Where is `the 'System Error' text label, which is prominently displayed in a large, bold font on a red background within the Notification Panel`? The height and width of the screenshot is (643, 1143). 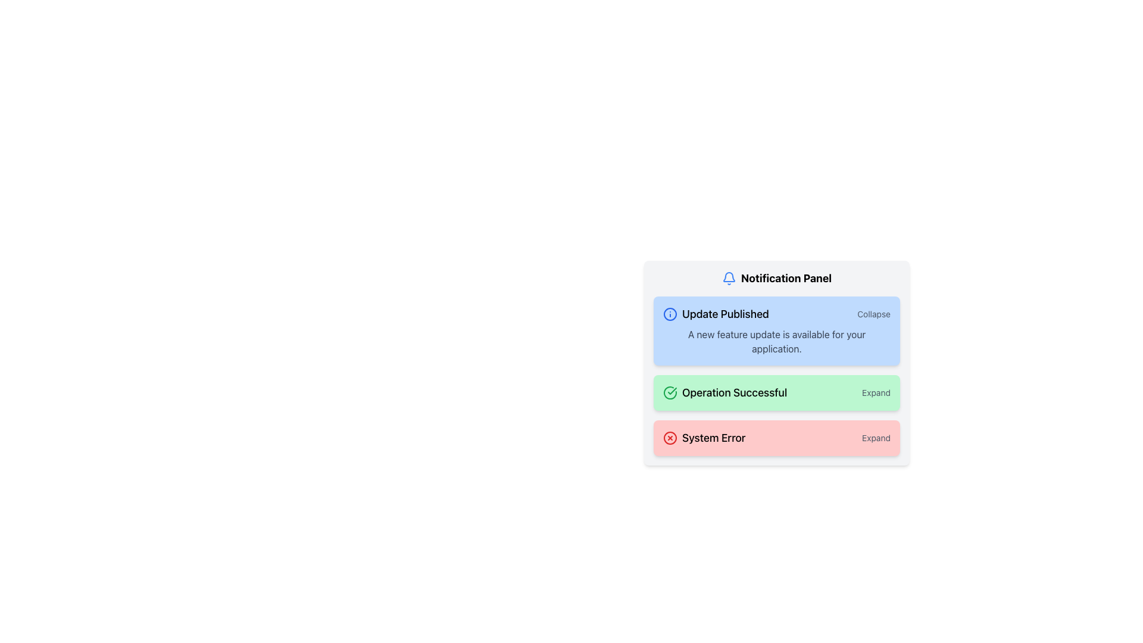 the 'System Error' text label, which is prominently displayed in a large, bold font on a red background within the Notification Panel is located at coordinates (714, 438).